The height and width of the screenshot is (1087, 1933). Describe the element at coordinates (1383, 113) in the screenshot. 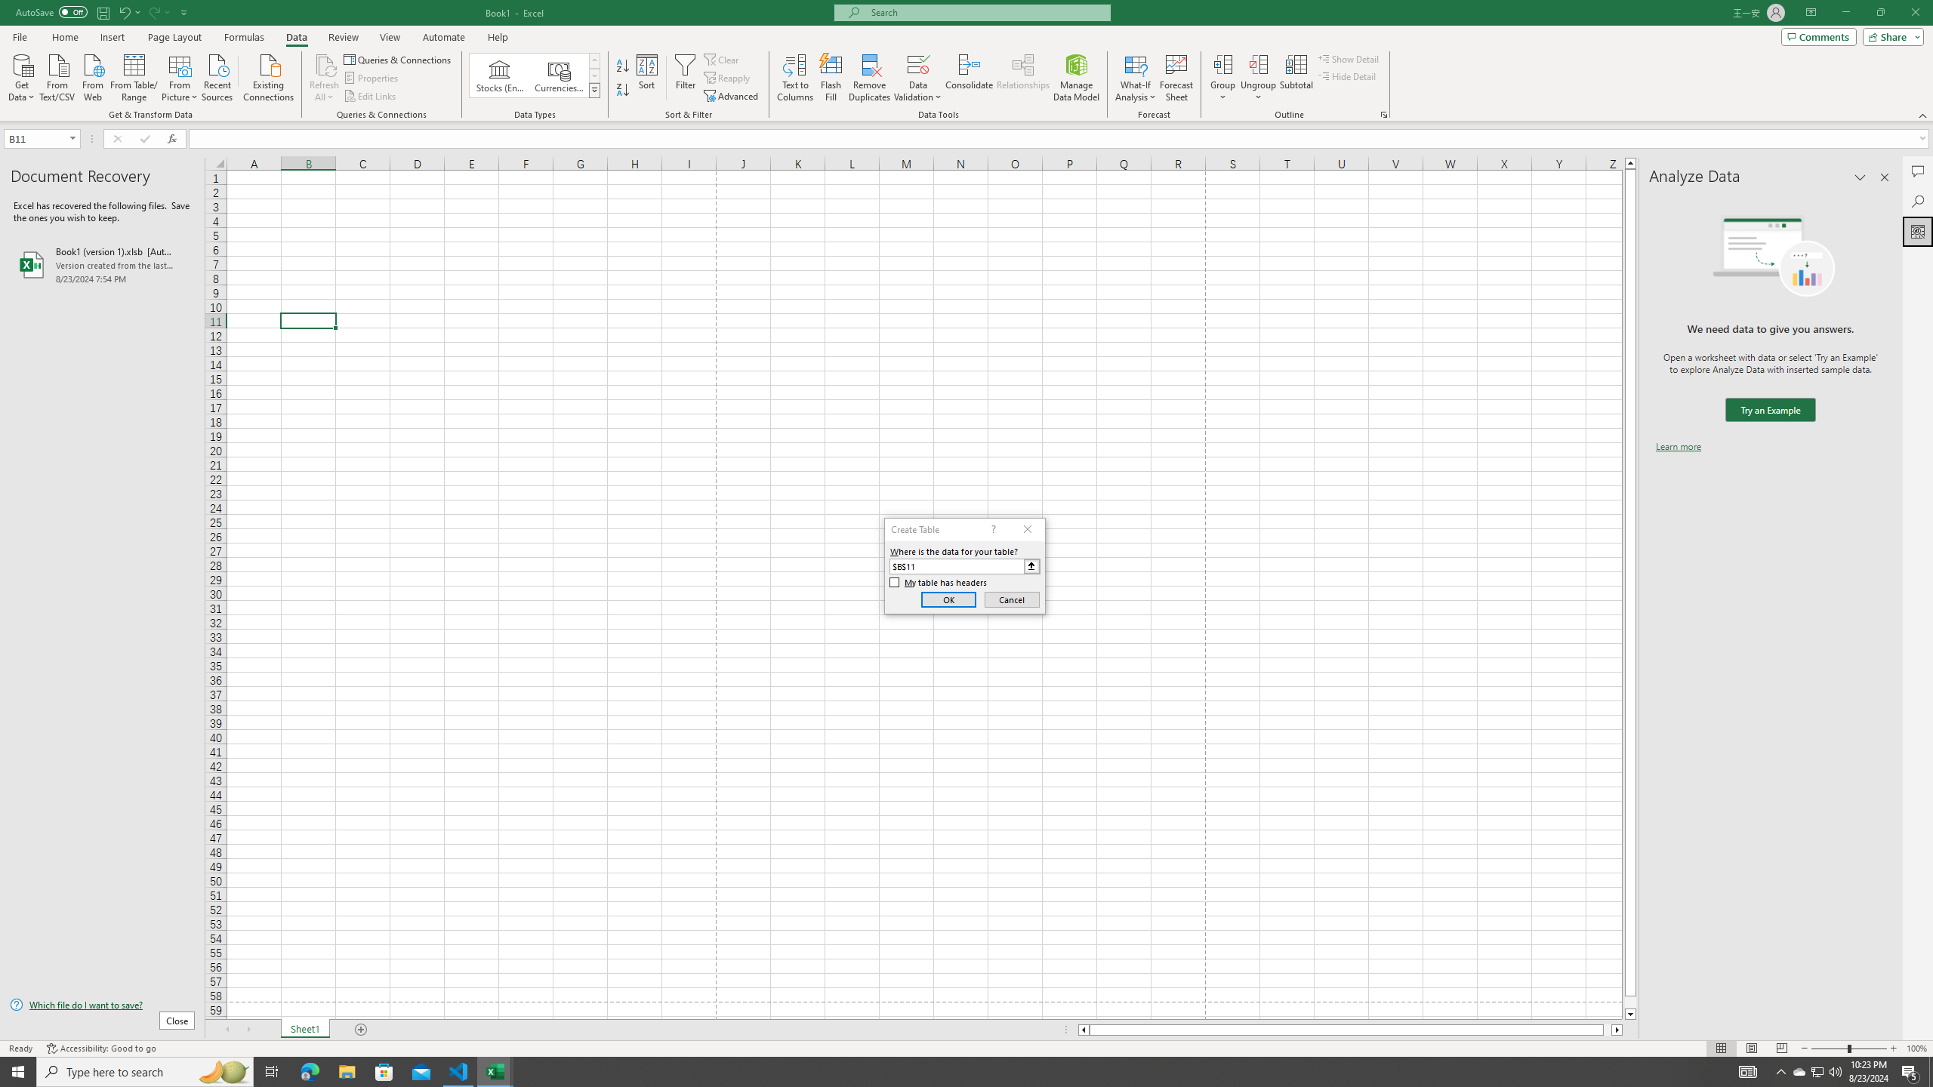

I see `'Group and Outline Settings'` at that location.